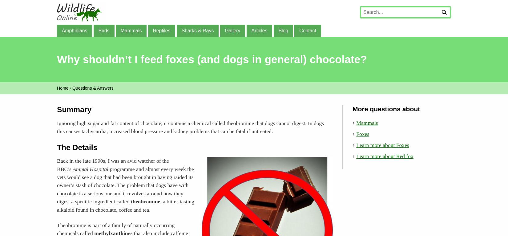  I want to click on 'Sharks & Rays', so click(197, 30).